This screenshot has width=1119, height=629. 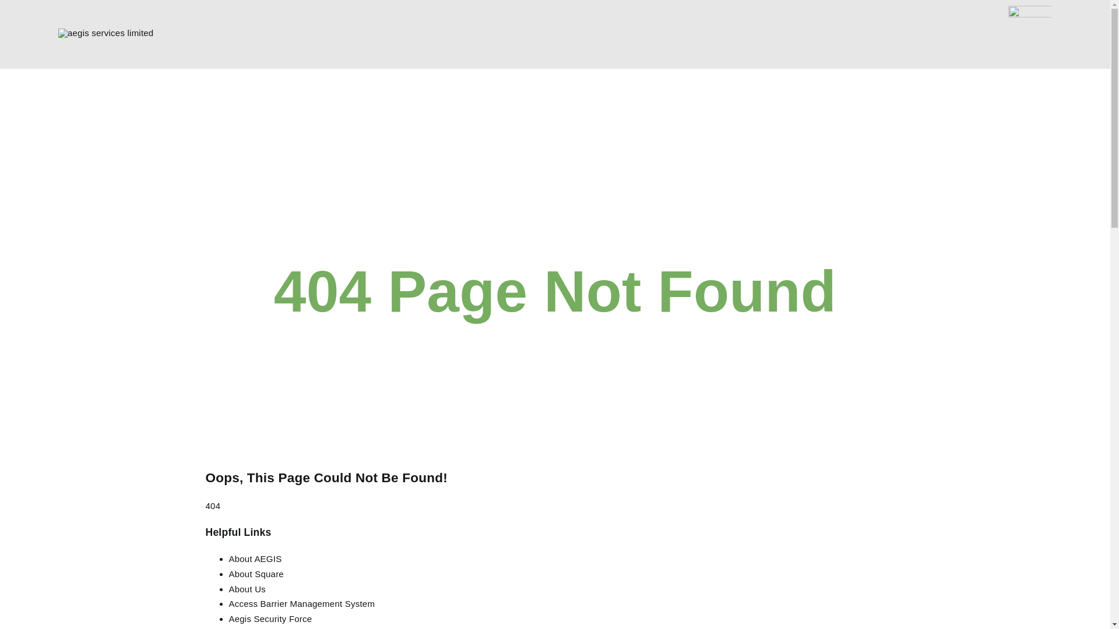 What do you see at coordinates (228, 589) in the screenshot?
I see `'About Us'` at bounding box center [228, 589].